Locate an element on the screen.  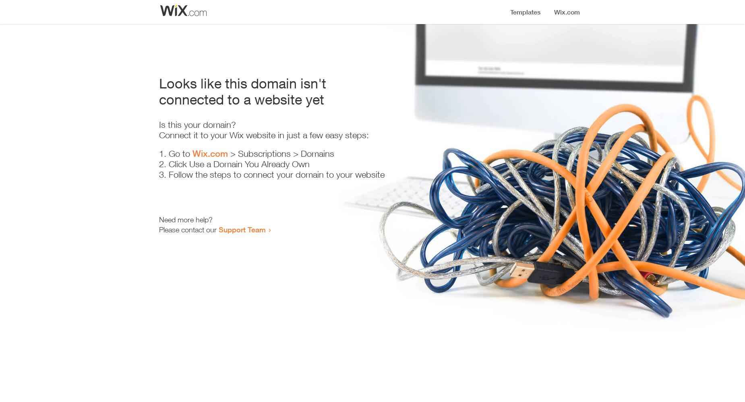
'Is this your domain?' is located at coordinates (197, 125).